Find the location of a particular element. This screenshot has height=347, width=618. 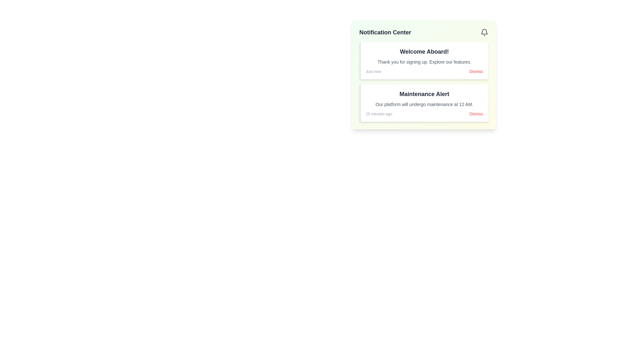

the dismiss button located at the right end of the 'Maintenance Alert' notification to hide the notification is located at coordinates (476, 113).